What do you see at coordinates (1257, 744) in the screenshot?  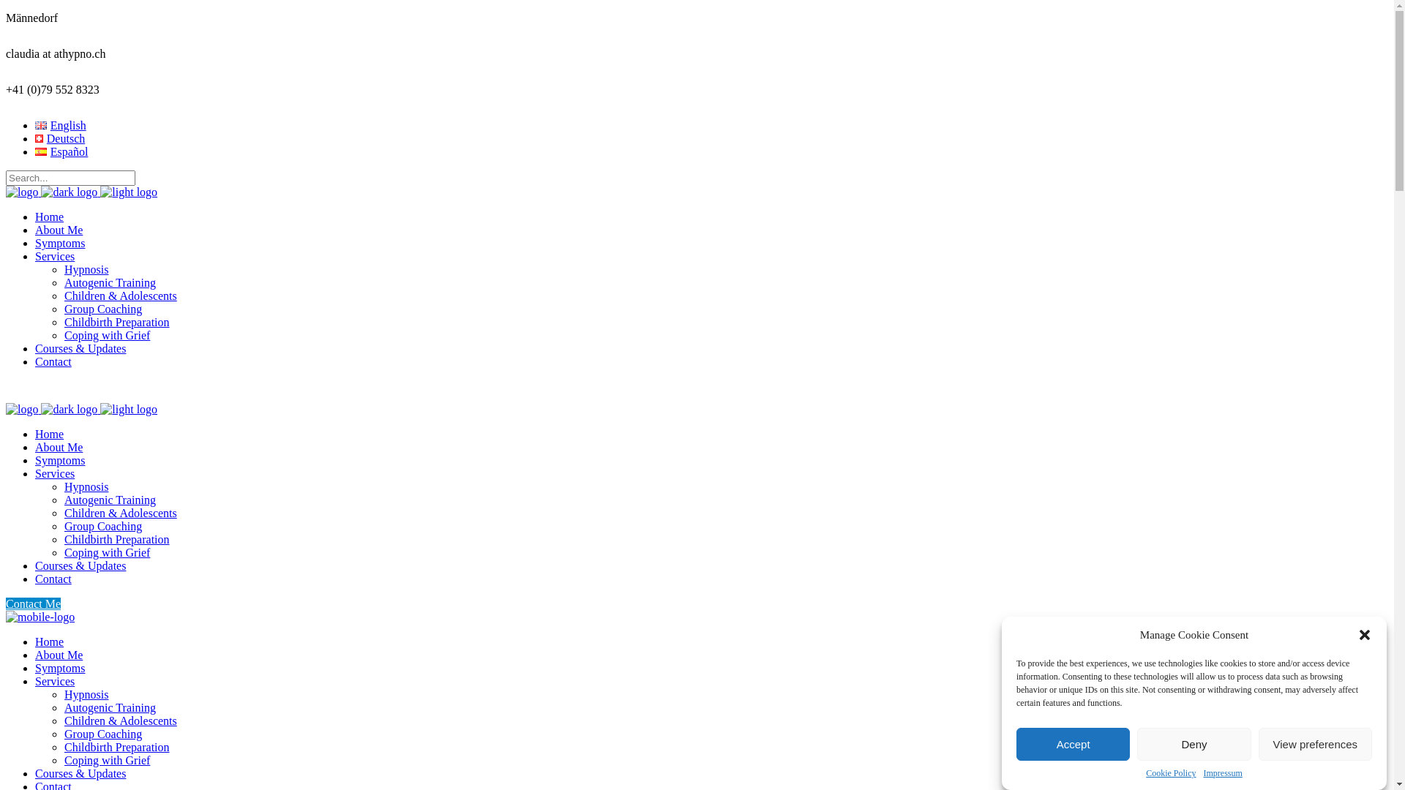 I see `'View preferences'` at bounding box center [1257, 744].